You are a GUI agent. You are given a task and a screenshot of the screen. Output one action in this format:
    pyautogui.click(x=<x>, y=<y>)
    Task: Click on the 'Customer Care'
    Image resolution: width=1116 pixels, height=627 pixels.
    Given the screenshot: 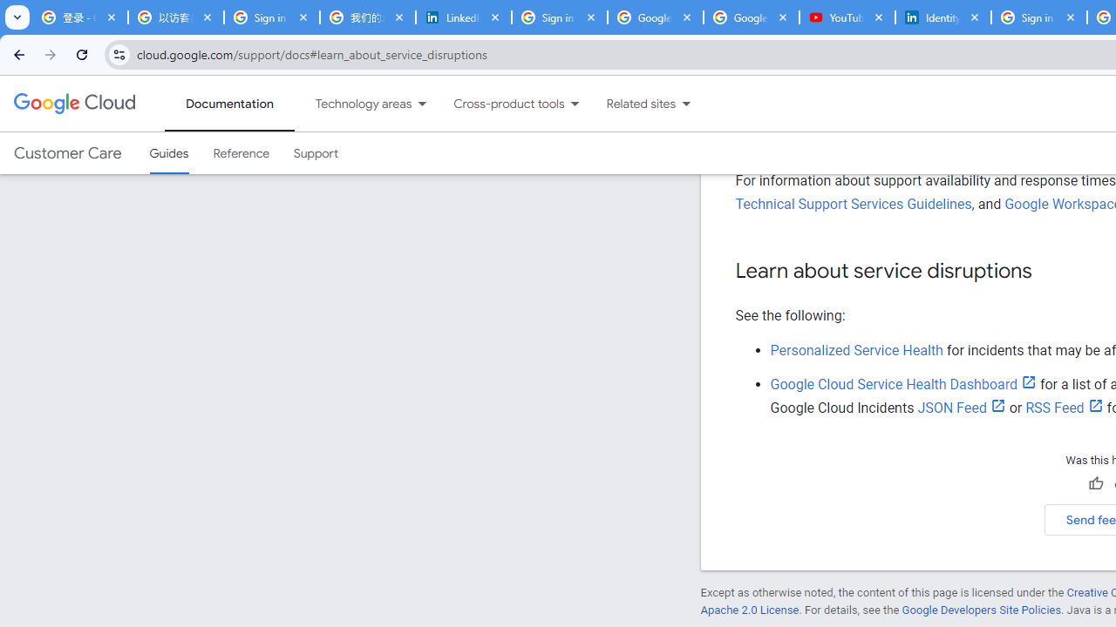 What is the action you would take?
    pyautogui.click(x=67, y=152)
    